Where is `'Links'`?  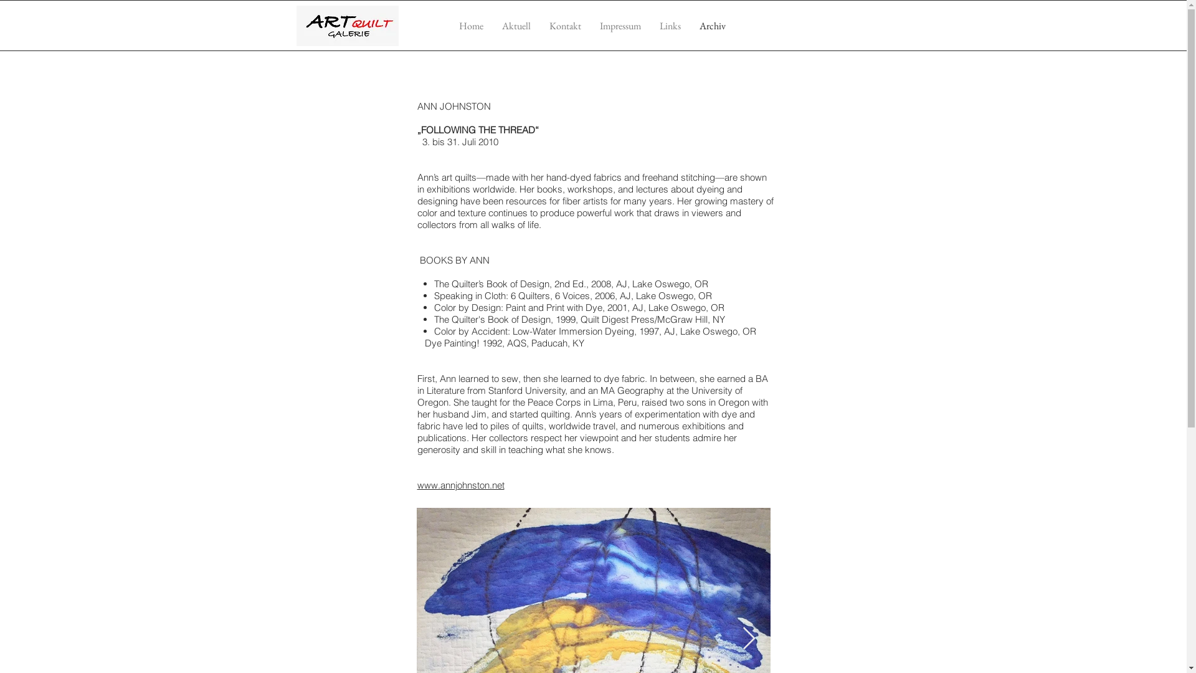
'Links' is located at coordinates (669, 26).